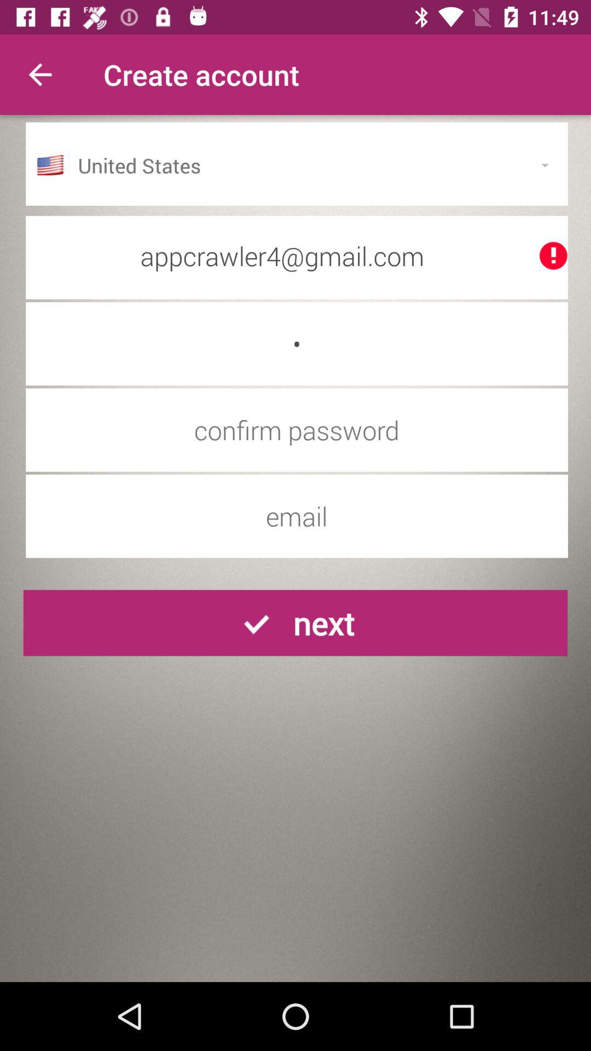 The width and height of the screenshot is (591, 1051). Describe the element at coordinates (297, 429) in the screenshot. I see `type the password` at that location.